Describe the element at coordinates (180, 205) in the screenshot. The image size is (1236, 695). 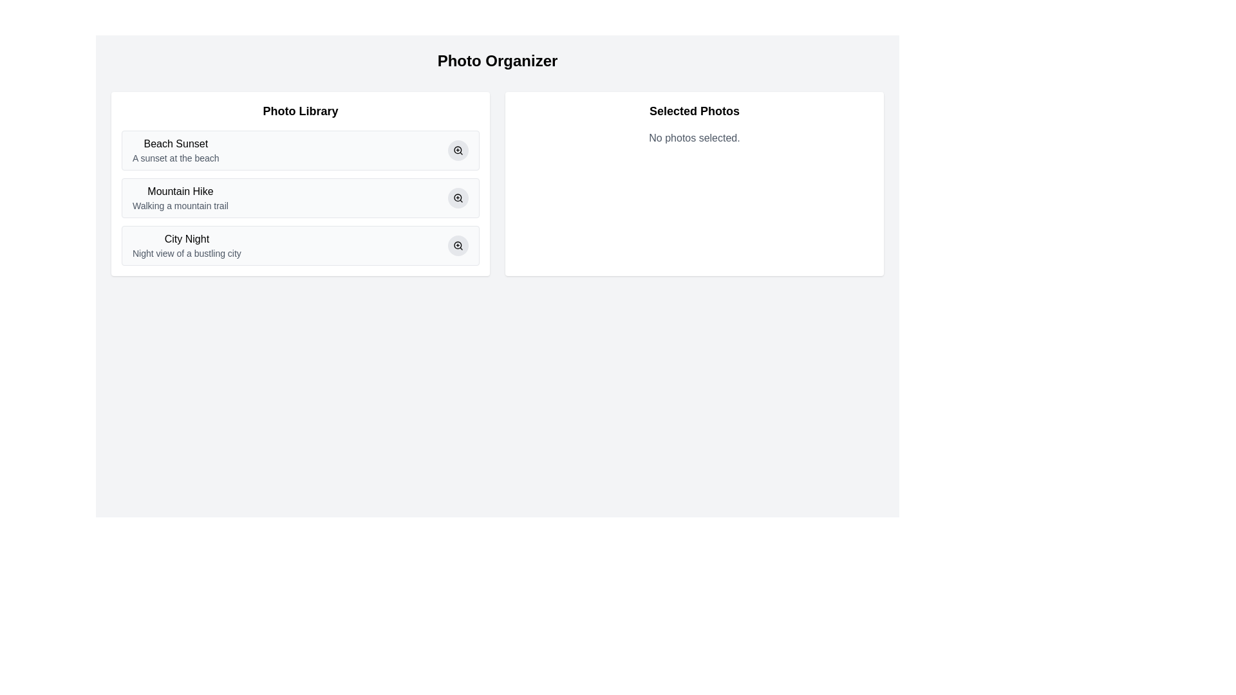
I see `the text label 'Walking a mountain trail' located beneath the heading 'Mountain Hike' in the Photo Library section` at that location.